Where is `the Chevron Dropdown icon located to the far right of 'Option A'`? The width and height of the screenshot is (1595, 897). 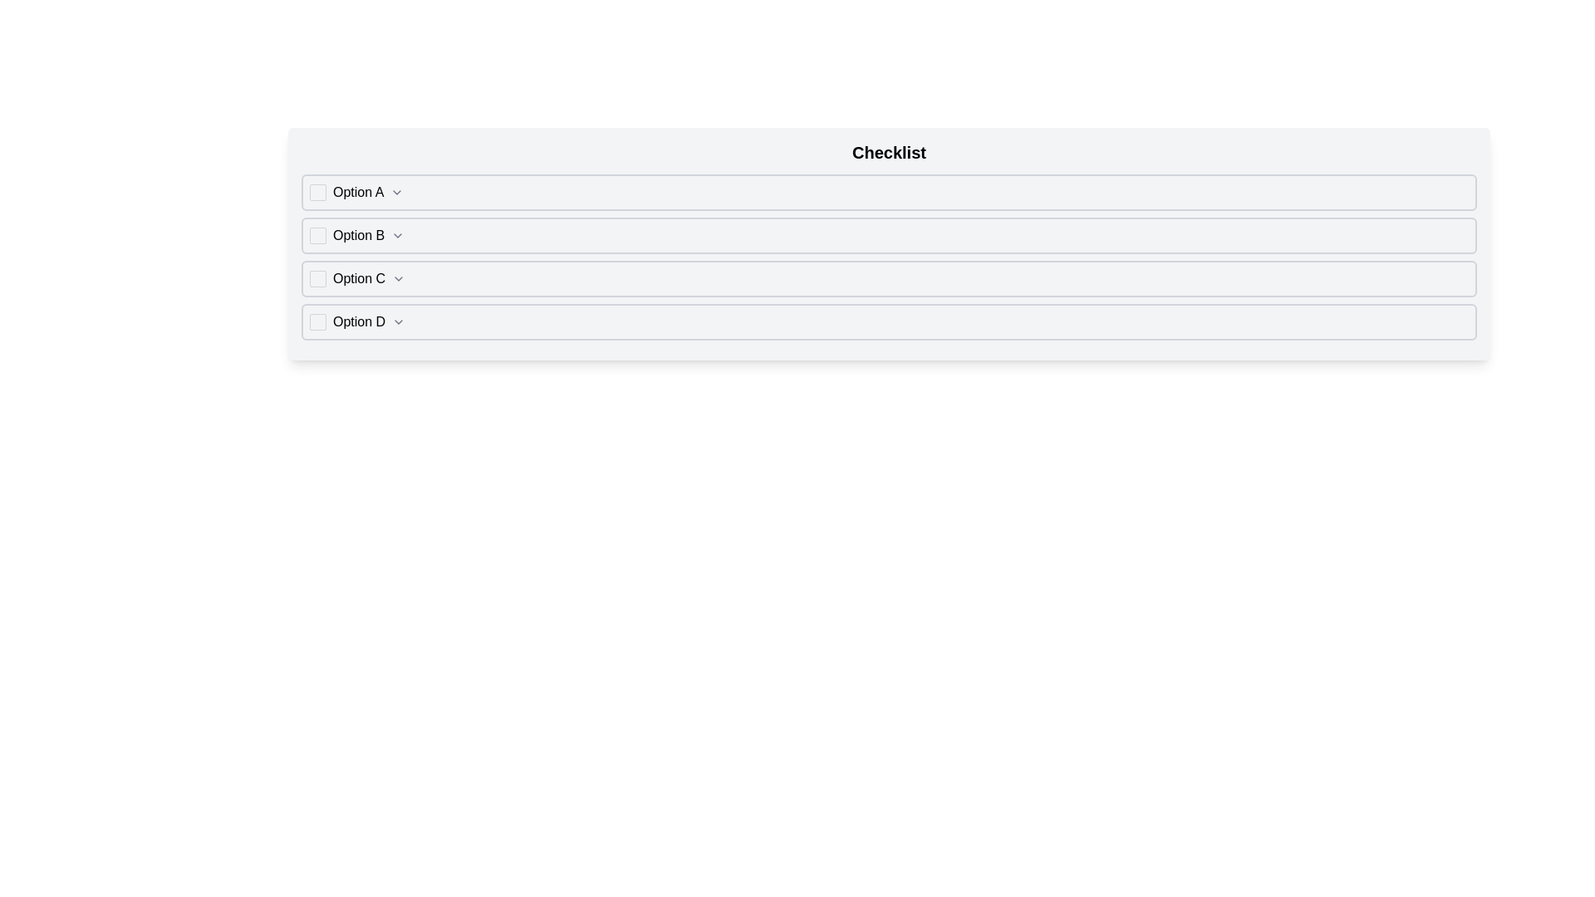
the Chevron Dropdown icon located to the far right of 'Option A' is located at coordinates (396, 191).